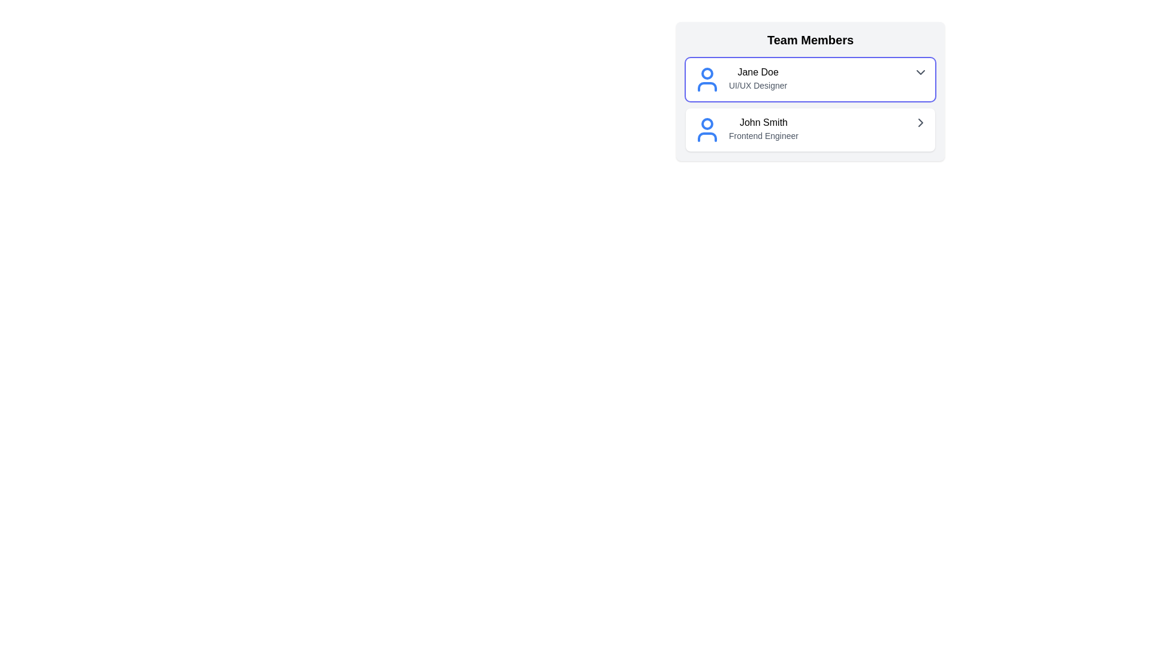  What do you see at coordinates (757, 78) in the screenshot?
I see `the text block displaying 'Jane Doe' in bold font within the 'Team Members' section` at bounding box center [757, 78].